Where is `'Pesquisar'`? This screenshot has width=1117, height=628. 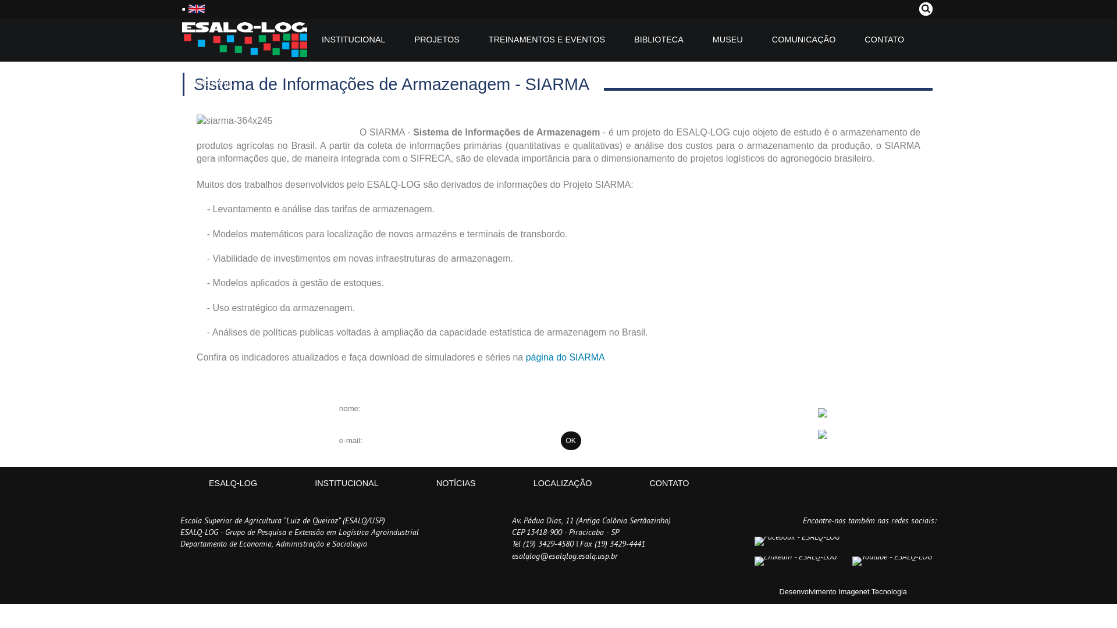 'Pesquisar' is located at coordinates (925, 9).